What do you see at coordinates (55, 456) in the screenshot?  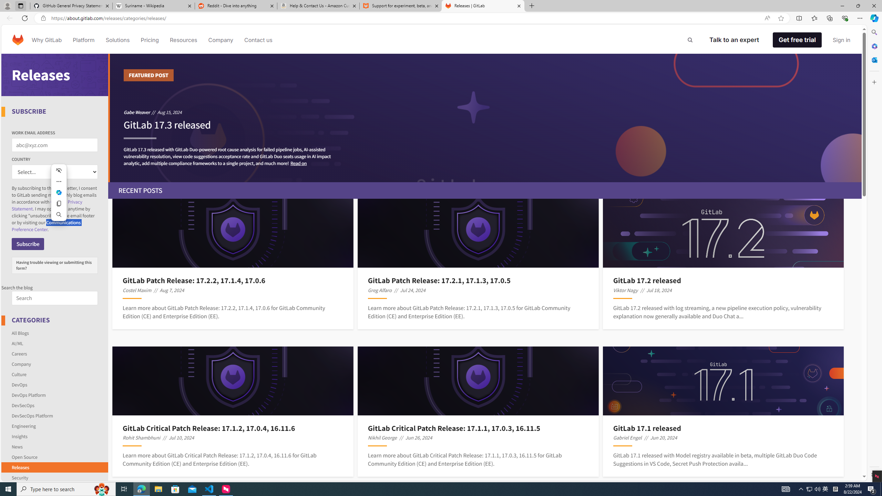 I see `'Open Source'` at bounding box center [55, 456].